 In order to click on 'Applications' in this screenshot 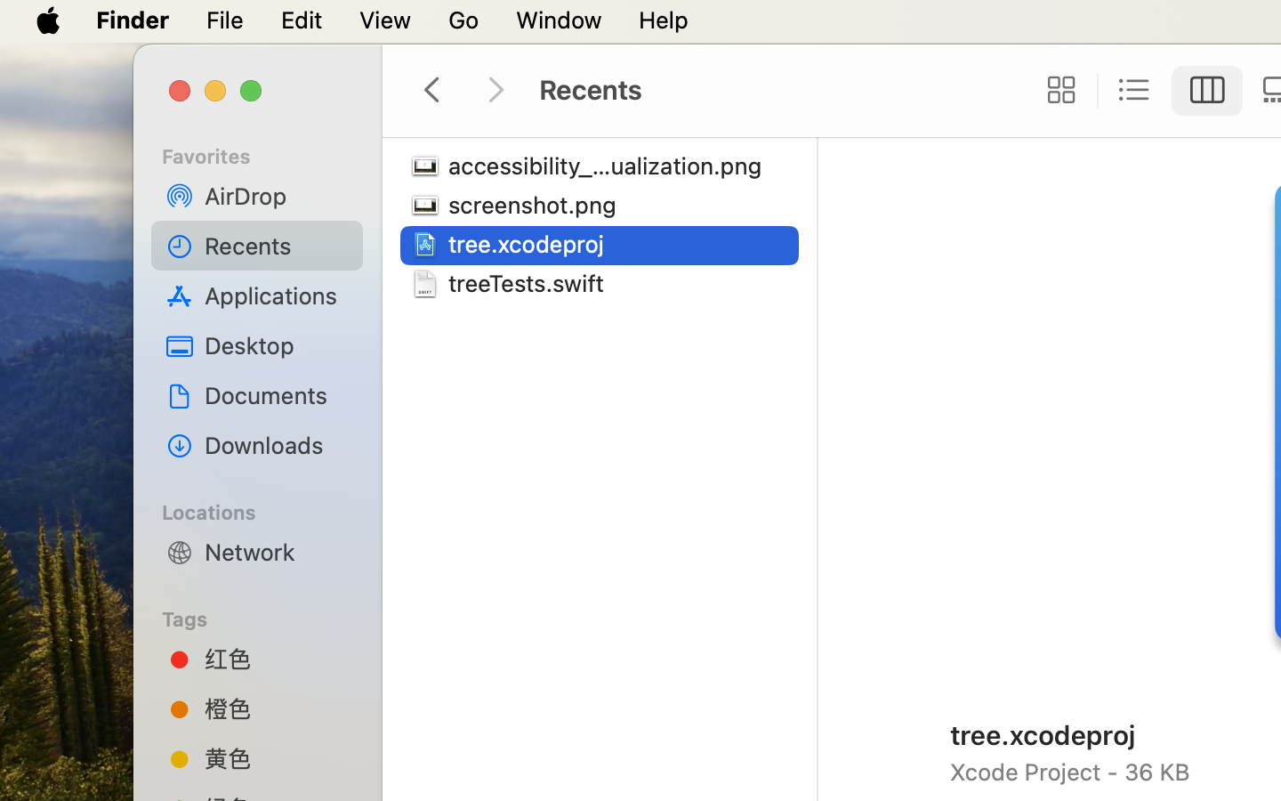, I will do `click(277, 295)`.